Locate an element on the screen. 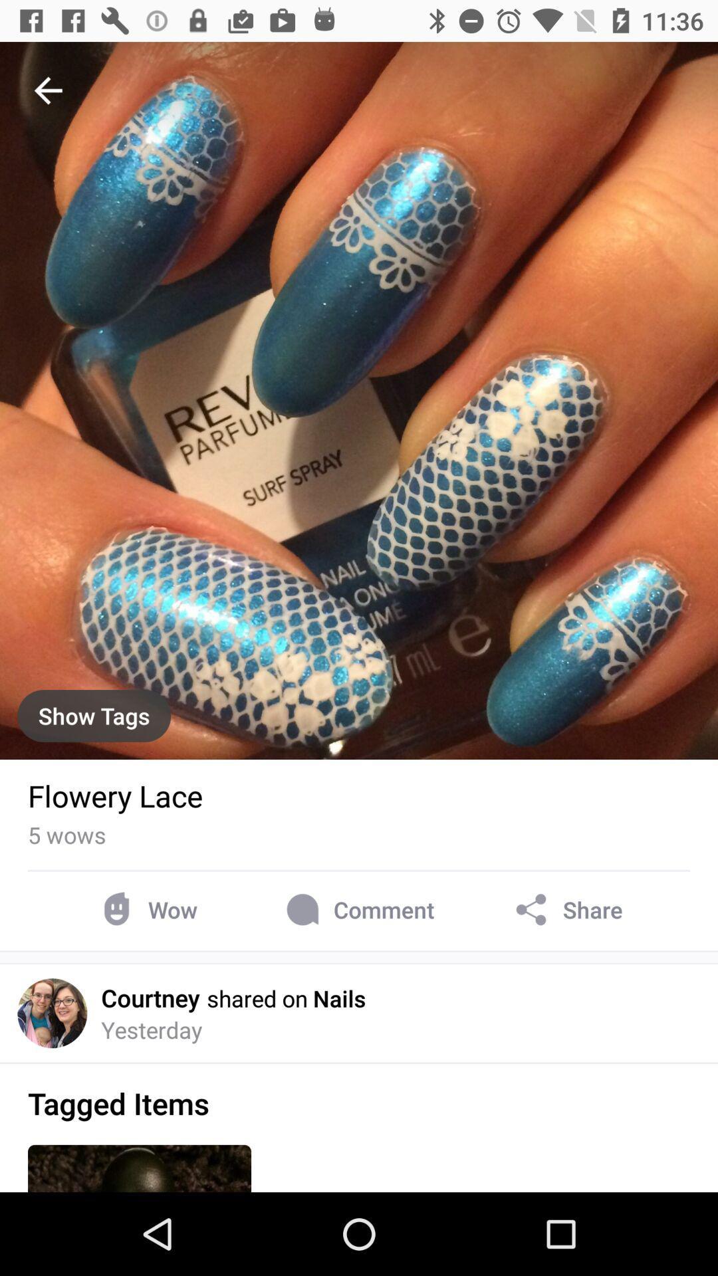  the item above the 5 wows icon is located at coordinates (114, 796).